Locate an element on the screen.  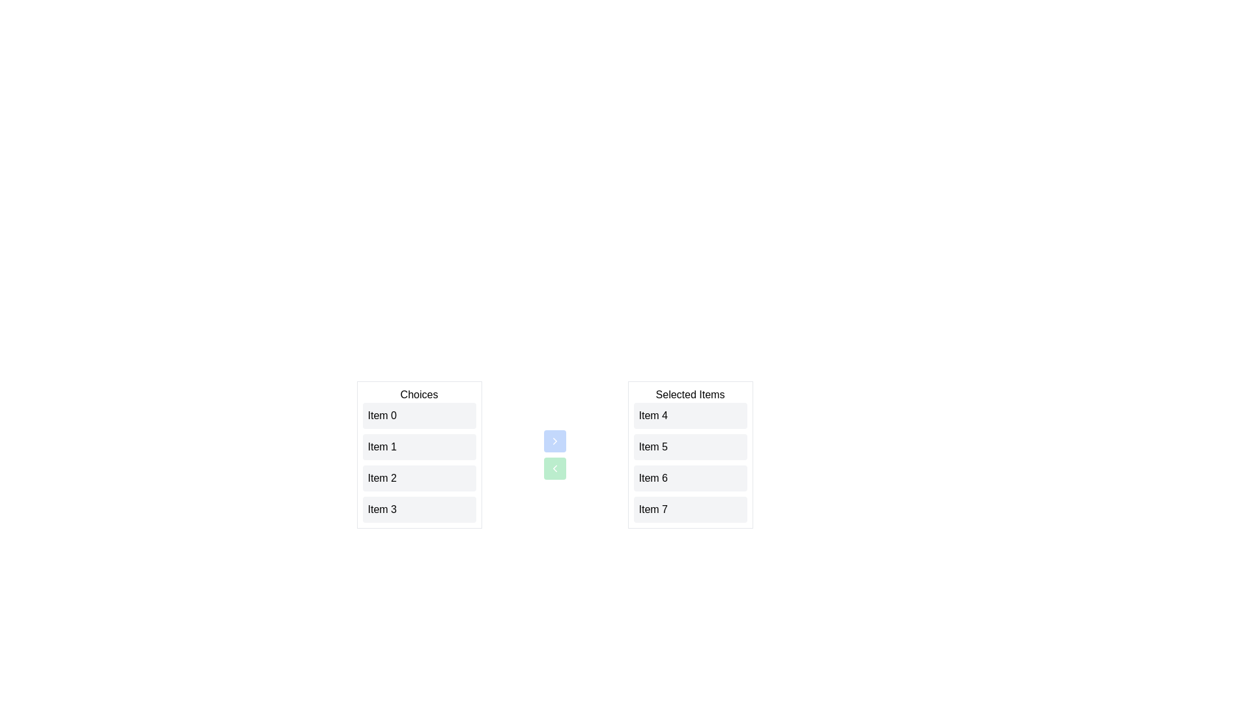
the graphical representation of the chevron arrow SVG icon located centrally within its blue button, which facilitates navigation between the 'Choices' and 'Selected Items' panels is located at coordinates (554, 441).